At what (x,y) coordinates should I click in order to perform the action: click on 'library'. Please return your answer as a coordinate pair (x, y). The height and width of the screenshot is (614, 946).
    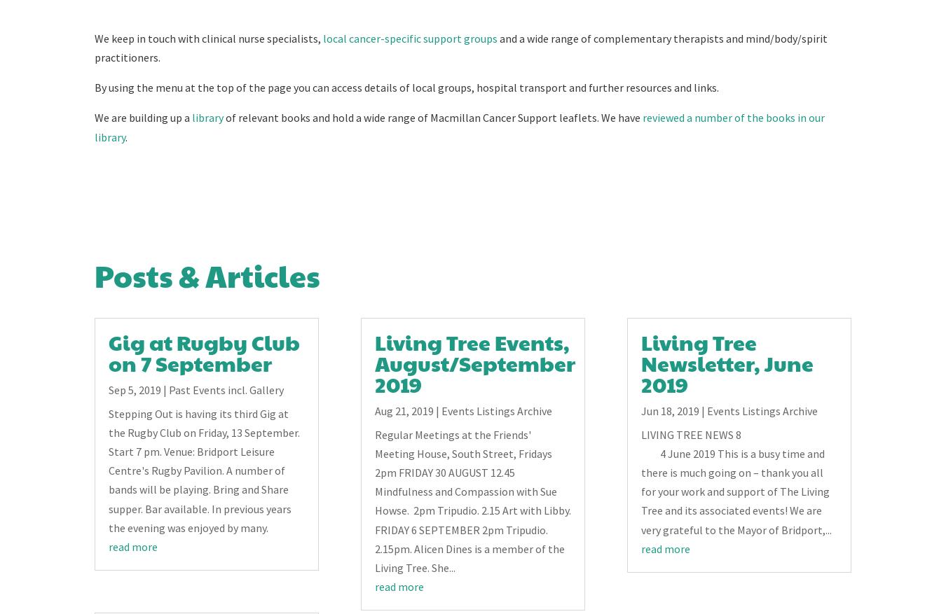
    Looking at the image, I should click on (191, 118).